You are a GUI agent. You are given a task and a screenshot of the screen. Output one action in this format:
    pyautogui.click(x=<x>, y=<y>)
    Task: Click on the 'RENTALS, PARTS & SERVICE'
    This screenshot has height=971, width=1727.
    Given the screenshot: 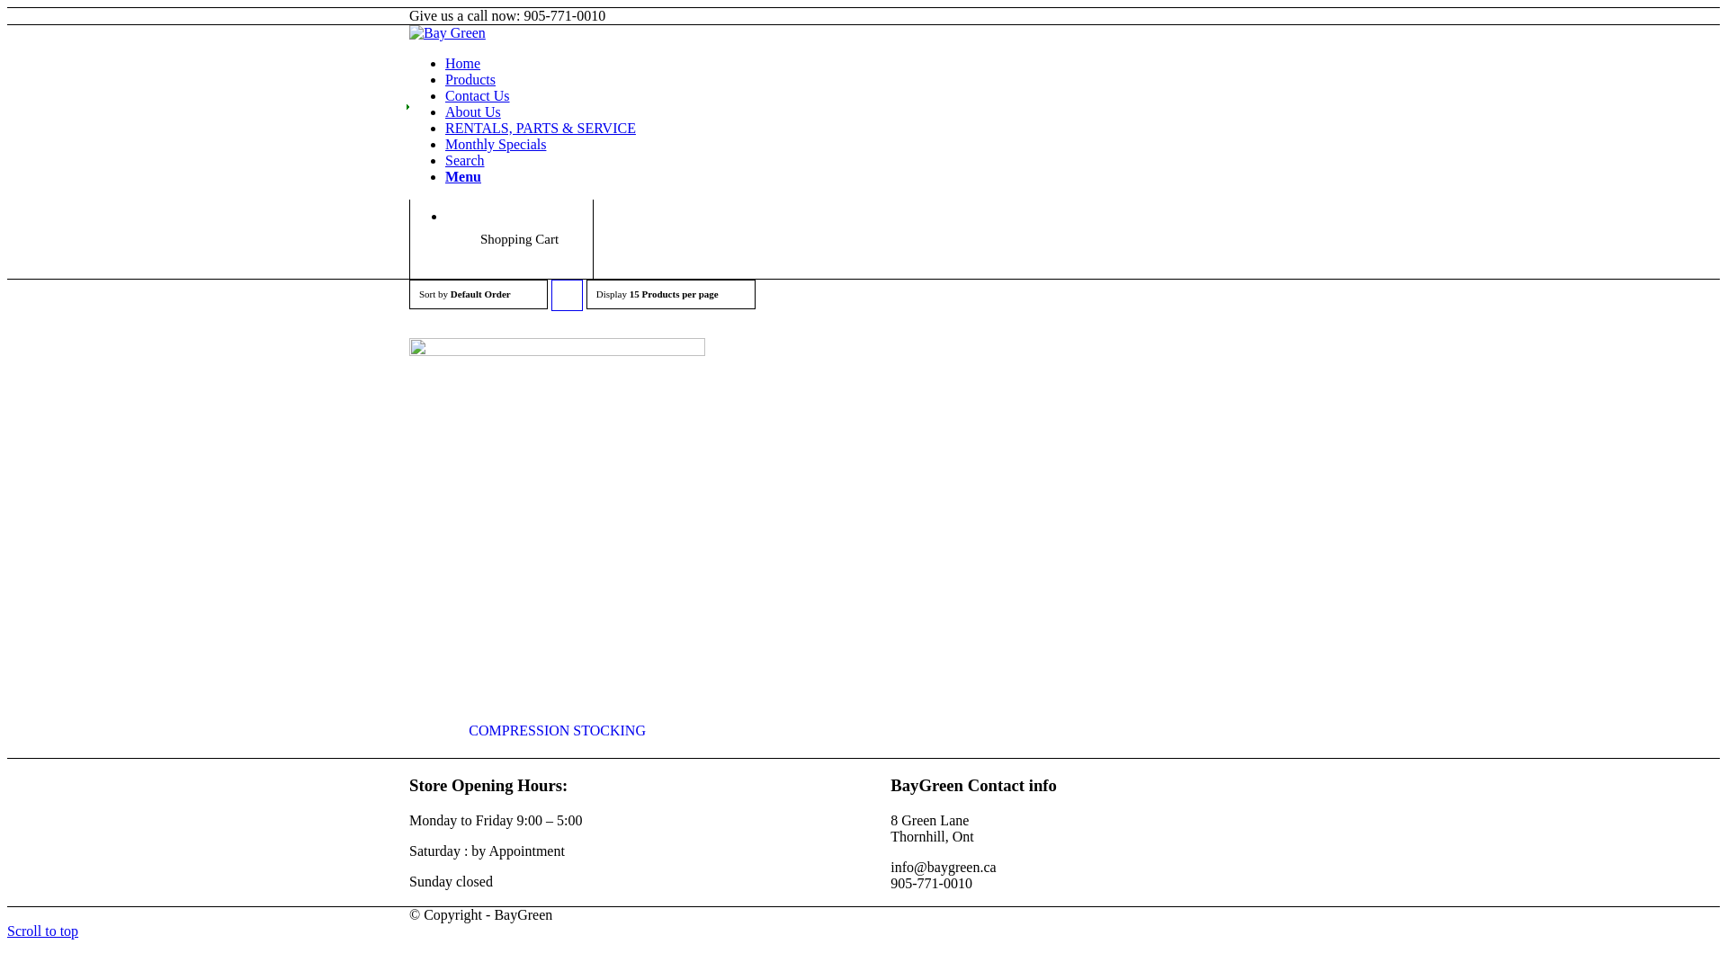 What is the action you would take?
    pyautogui.click(x=539, y=127)
    